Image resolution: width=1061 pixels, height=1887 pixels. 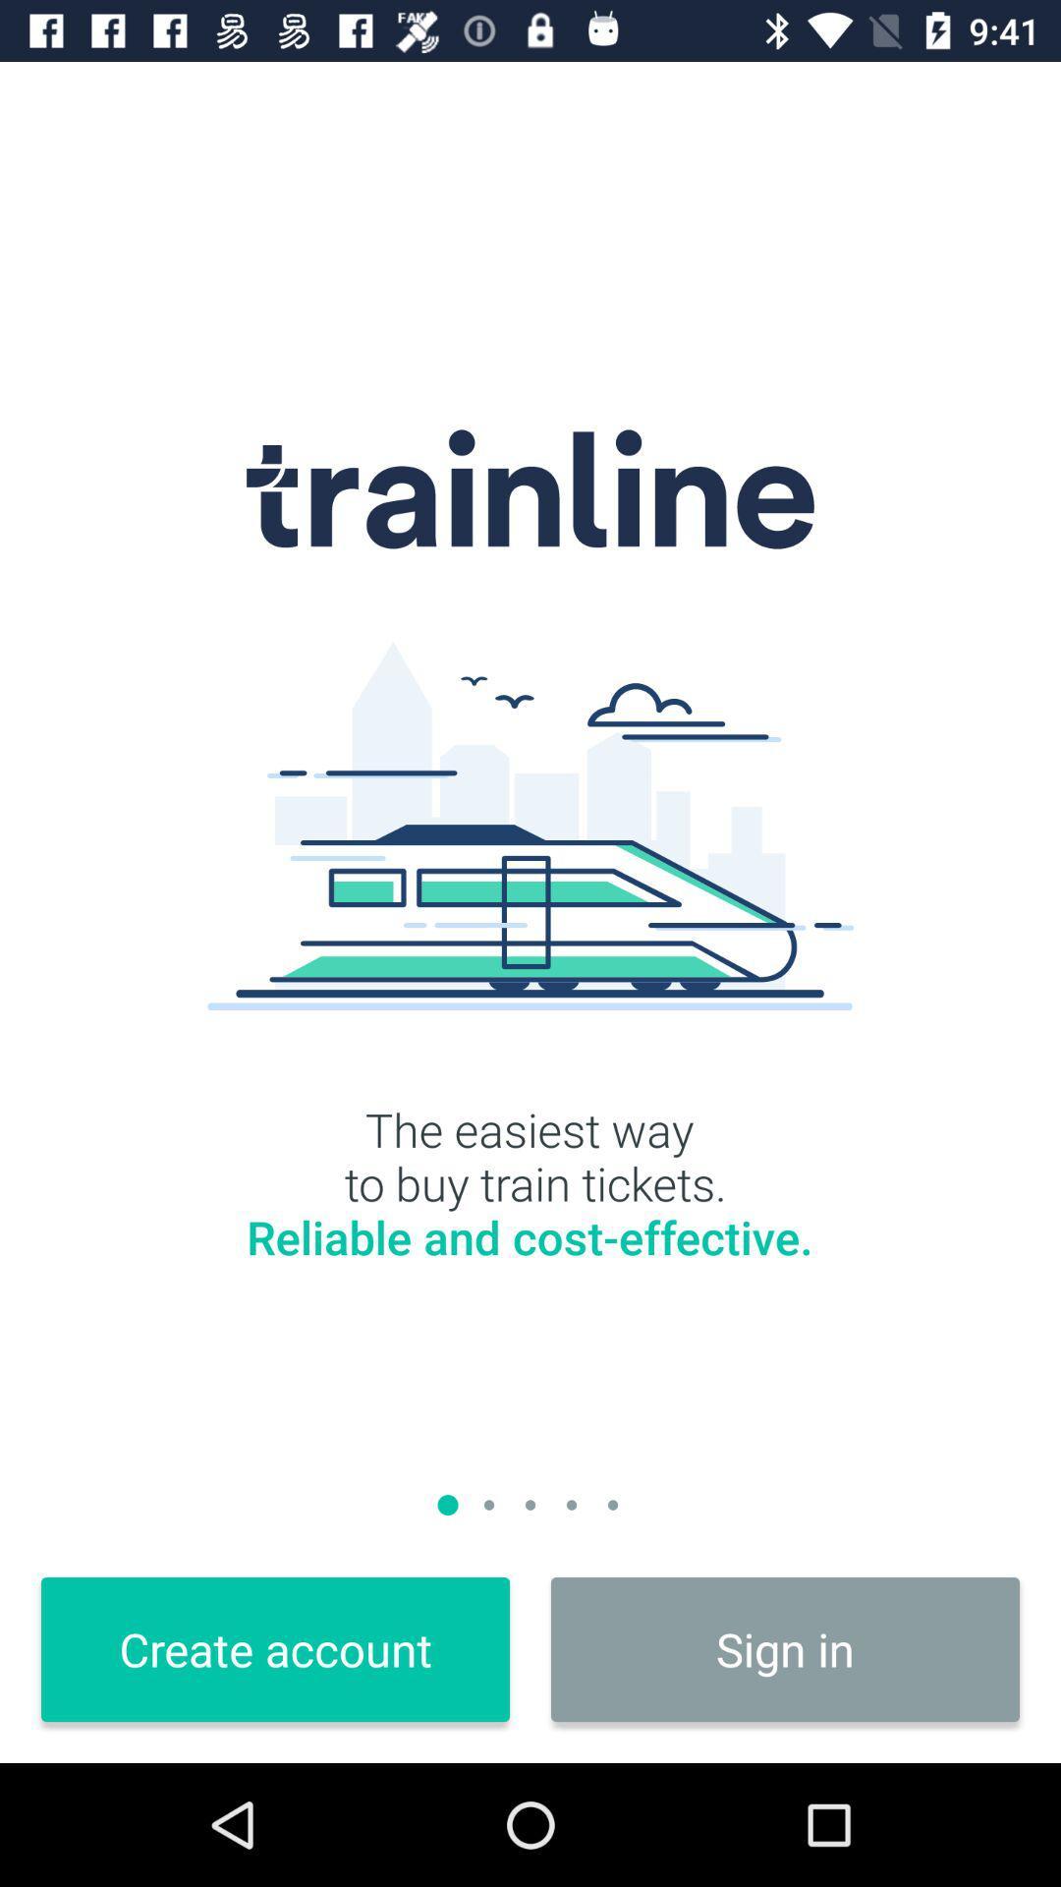 I want to click on create account item, so click(x=275, y=1649).